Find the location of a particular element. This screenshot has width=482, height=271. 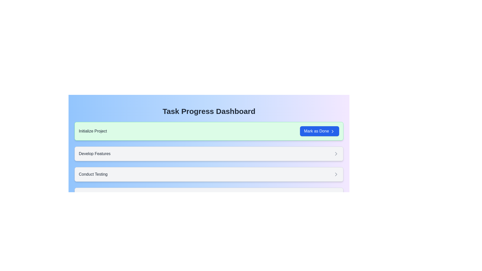

the Chevron icon located on the right side of the 'Develop Features' card, which is the second card in the vertical list of tasks is located at coordinates (336, 154).